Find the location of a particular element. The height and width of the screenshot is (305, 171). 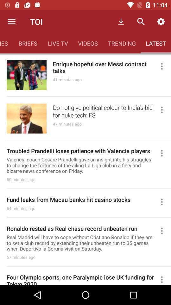

the first icon which is right to the text toi is located at coordinates (121, 22).